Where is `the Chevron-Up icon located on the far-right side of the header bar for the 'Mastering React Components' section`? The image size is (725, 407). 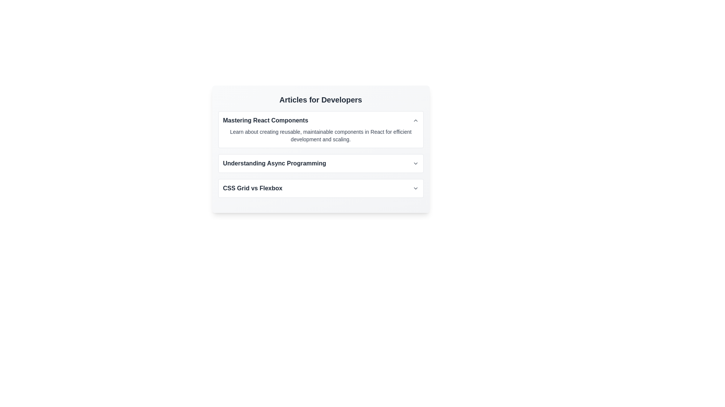 the Chevron-Up icon located on the far-right side of the header bar for the 'Mastering React Components' section is located at coordinates (415, 120).